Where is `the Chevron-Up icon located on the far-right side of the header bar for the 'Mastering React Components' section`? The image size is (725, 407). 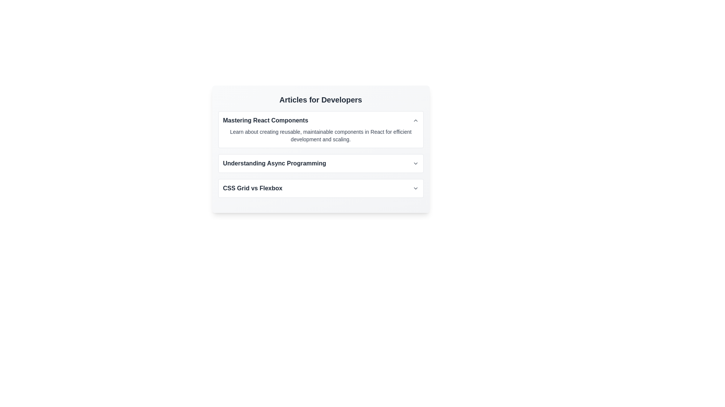 the Chevron-Up icon located on the far-right side of the header bar for the 'Mastering React Components' section is located at coordinates (415, 120).